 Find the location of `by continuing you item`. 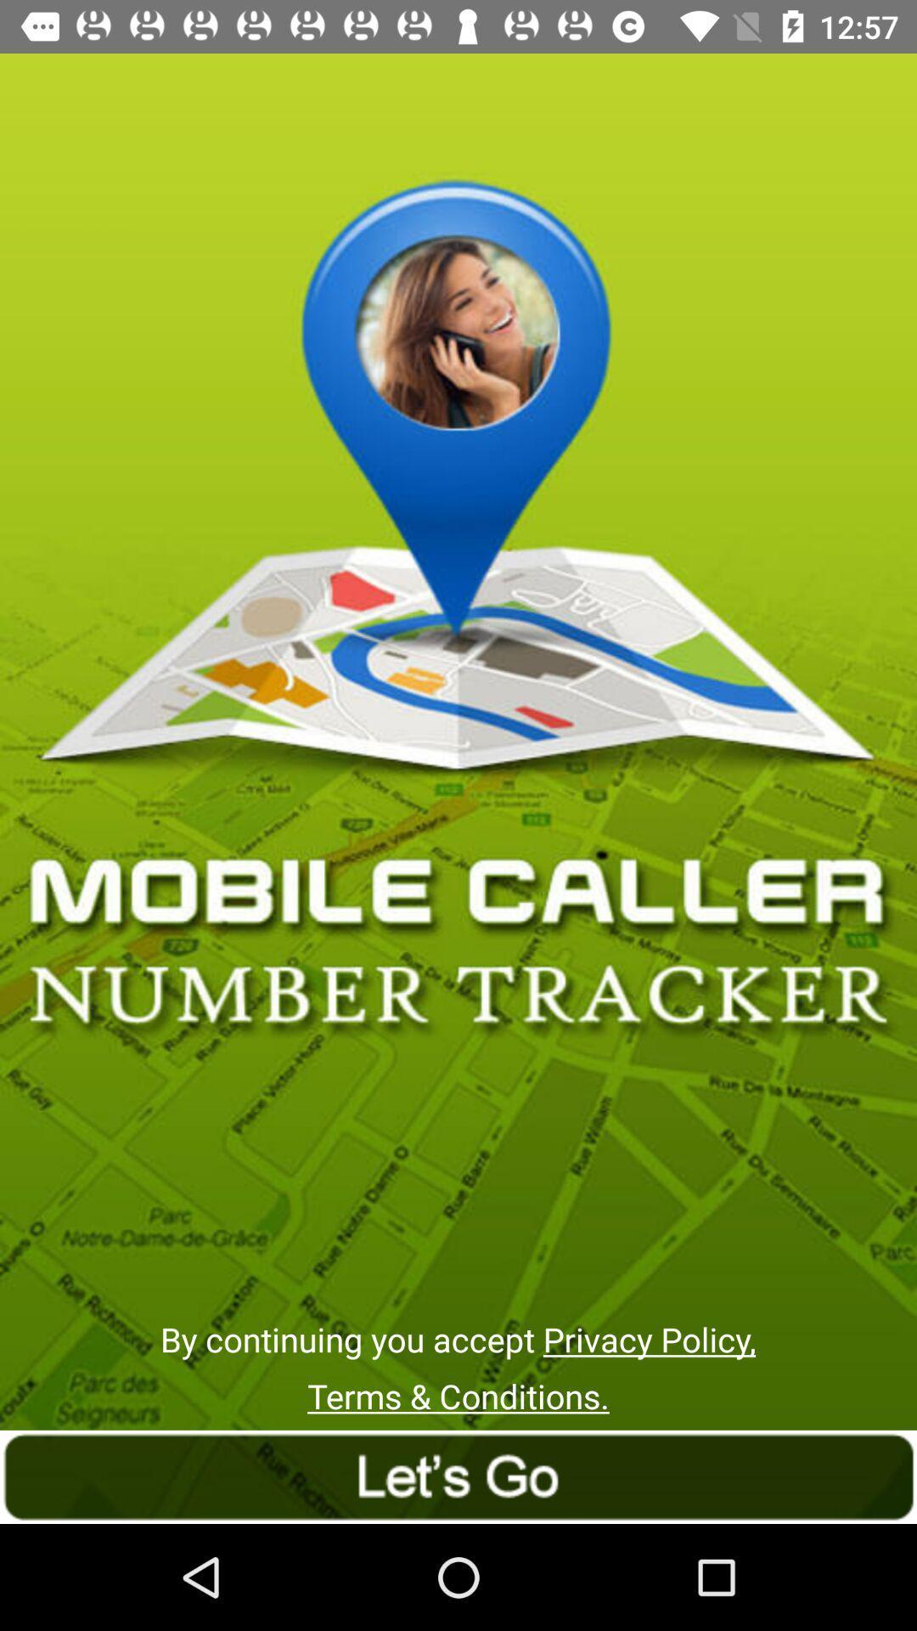

by continuing you item is located at coordinates (457, 1338).